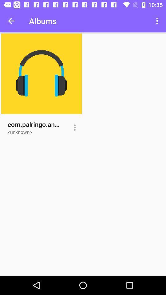 This screenshot has height=295, width=166. I want to click on item to the left of the albums icon, so click(11, 21).